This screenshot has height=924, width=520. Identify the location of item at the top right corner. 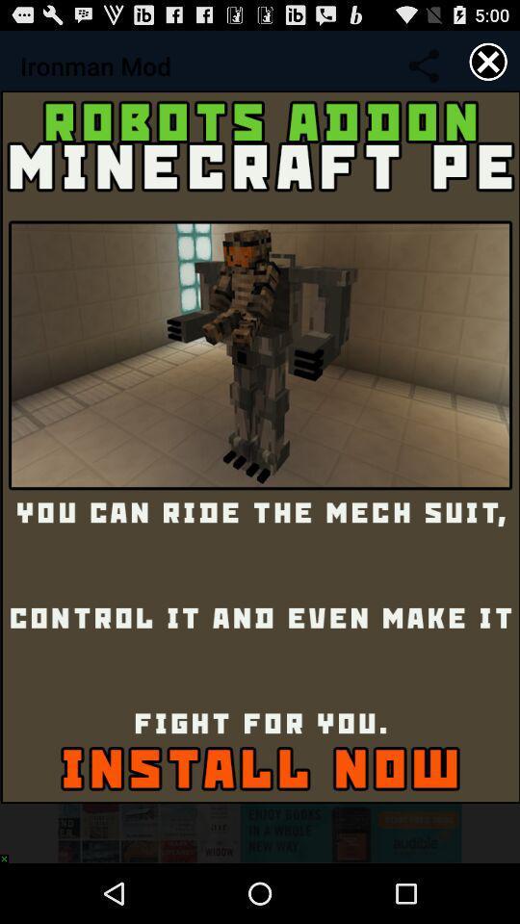
(488, 62).